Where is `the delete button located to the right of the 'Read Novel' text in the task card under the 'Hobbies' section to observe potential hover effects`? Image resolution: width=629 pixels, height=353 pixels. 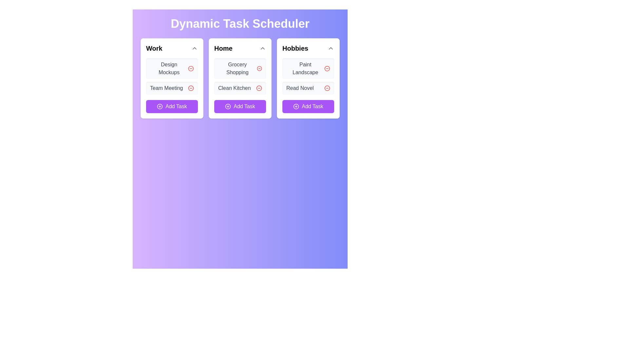 the delete button located to the right of the 'Read Novel' text in the task card under the 'Hobbies' section to observe potential hover effects is located at coordinates (327, 88).